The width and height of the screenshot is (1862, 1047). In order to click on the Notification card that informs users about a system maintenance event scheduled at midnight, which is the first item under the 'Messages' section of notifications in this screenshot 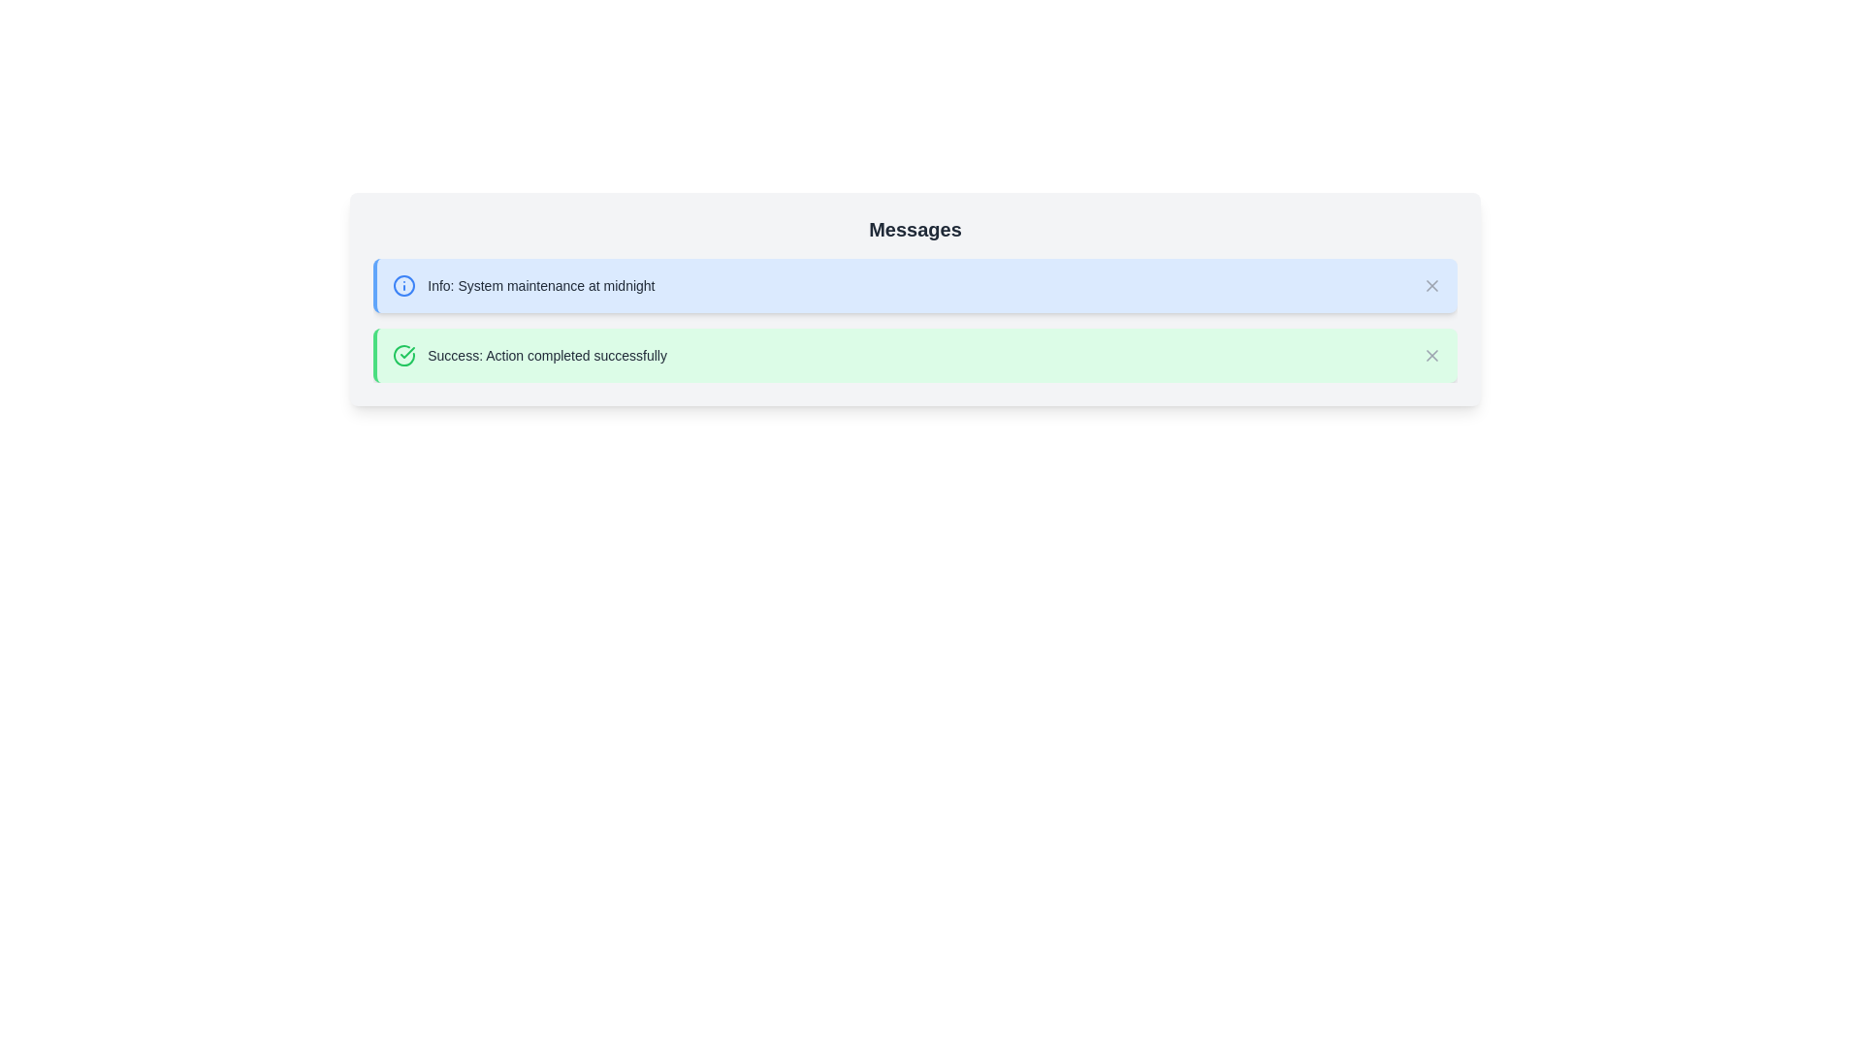, I will do `click(915, 285)`.